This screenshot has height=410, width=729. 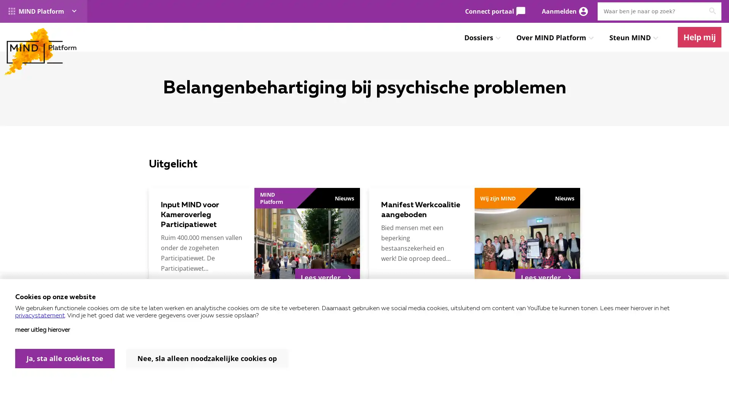 I want to click on Ja, sta alle cookies toe, so click(x=65, y=358).